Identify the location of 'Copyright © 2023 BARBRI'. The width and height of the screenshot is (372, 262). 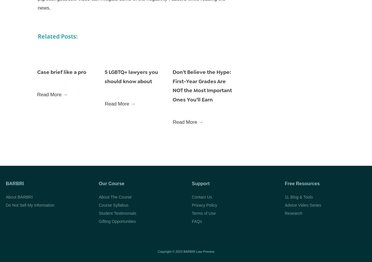
(176, 251).